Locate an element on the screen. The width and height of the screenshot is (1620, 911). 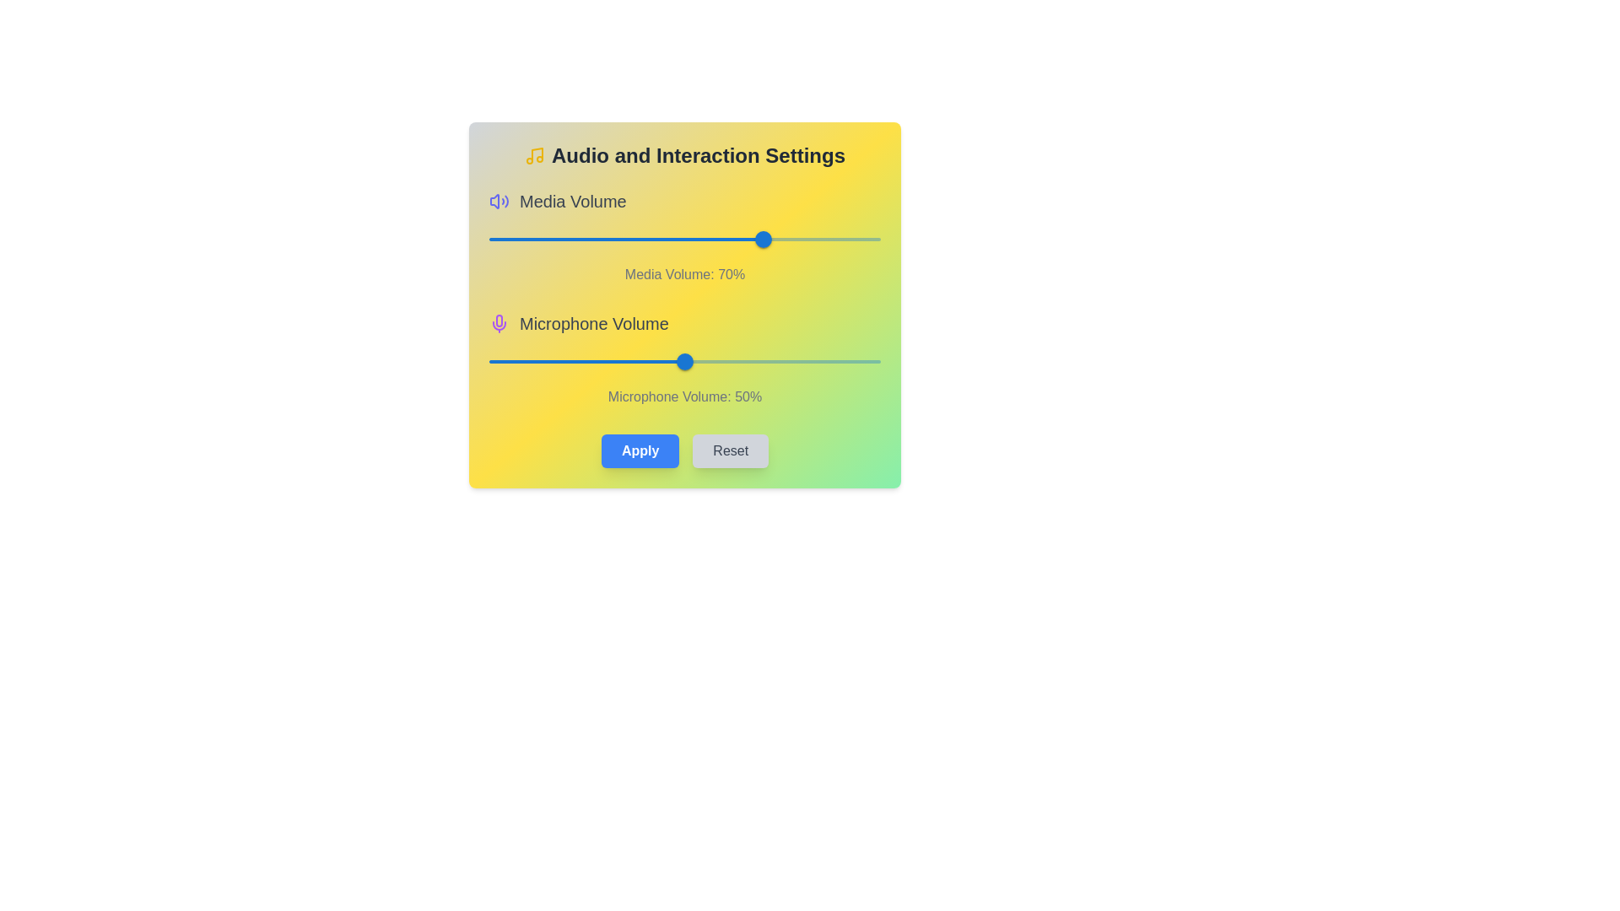
the 'Apply' button located at the bottom center of the 'Audio and Interaction Settings' card for keyboard interaction is located at coordinates (640, 450).